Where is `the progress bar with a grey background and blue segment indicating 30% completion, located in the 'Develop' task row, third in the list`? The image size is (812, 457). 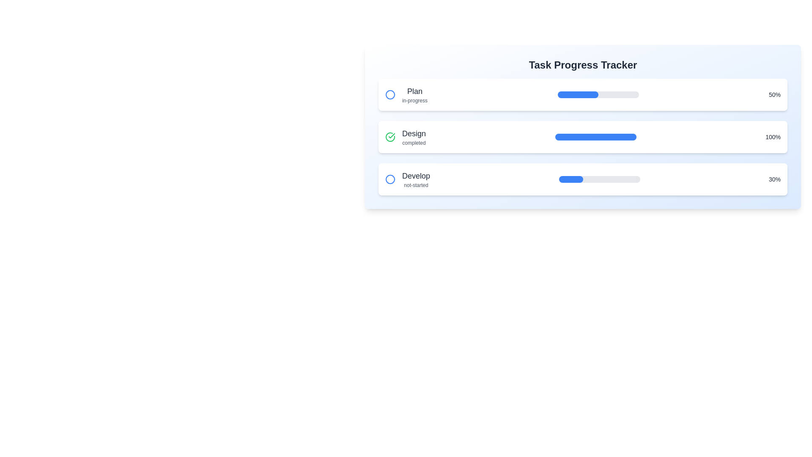
the progress bar with a grey background and blue segment indicating 30% completion, located in the 'Develop' task row, third in the list is located at coordinates (599, 179).